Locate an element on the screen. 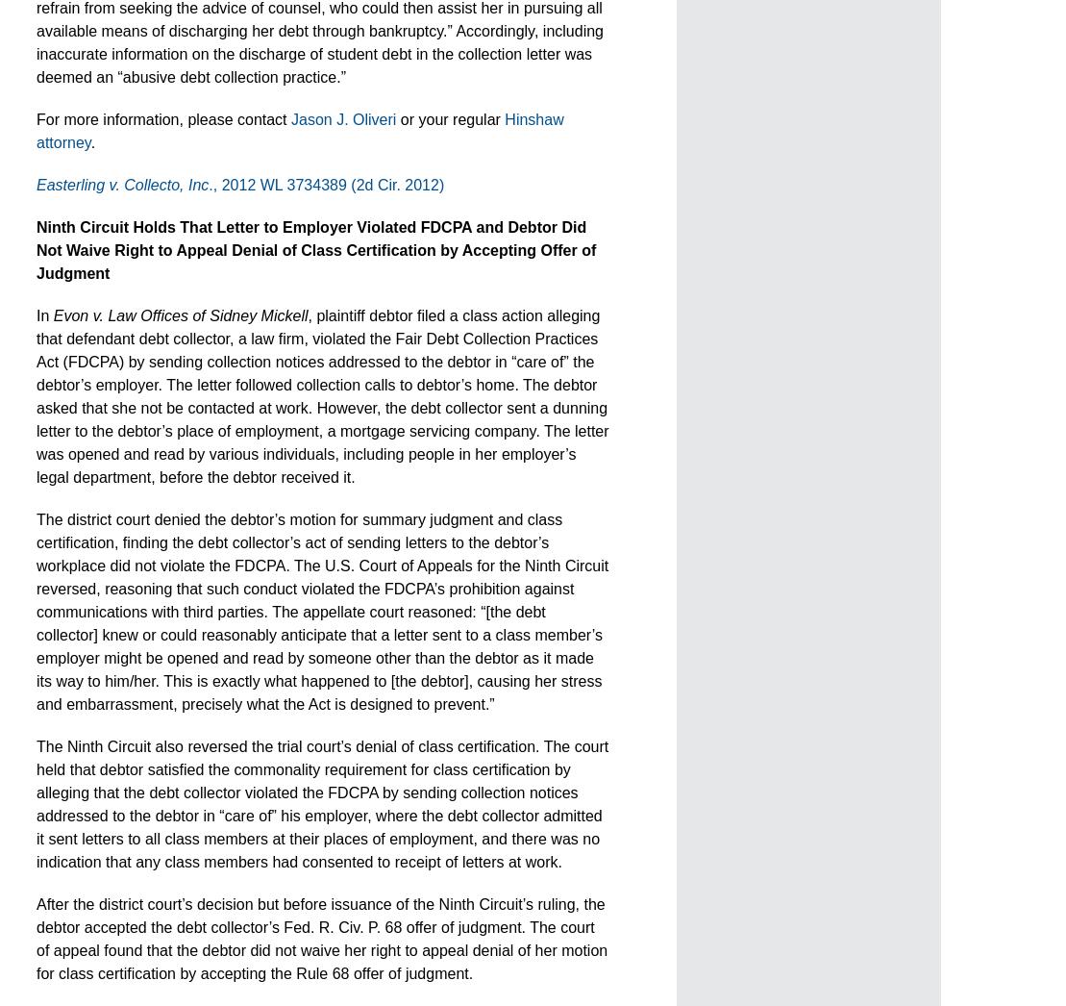 The height and width of the screenshot is (1006, 1066). 'In' is located at coordinates (44, 314).